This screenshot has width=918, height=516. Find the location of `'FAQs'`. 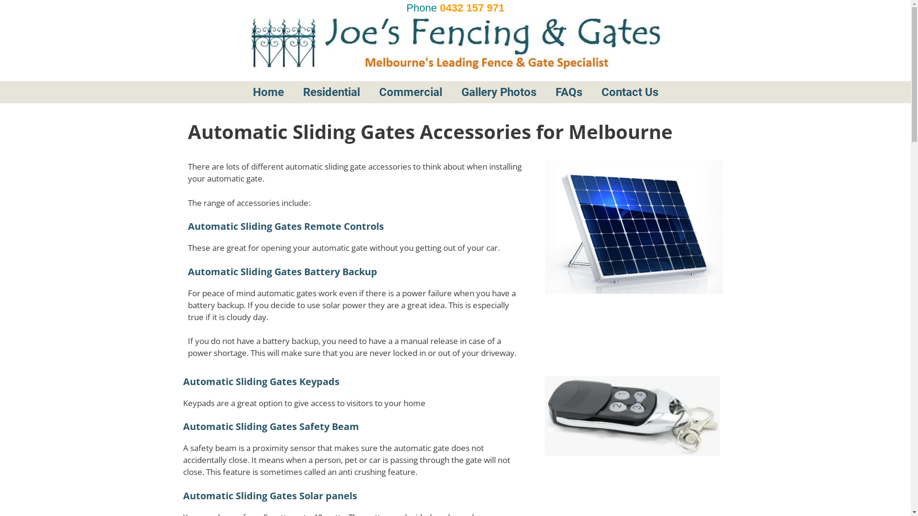

'FAQs' is located at coordinates (569, 92).